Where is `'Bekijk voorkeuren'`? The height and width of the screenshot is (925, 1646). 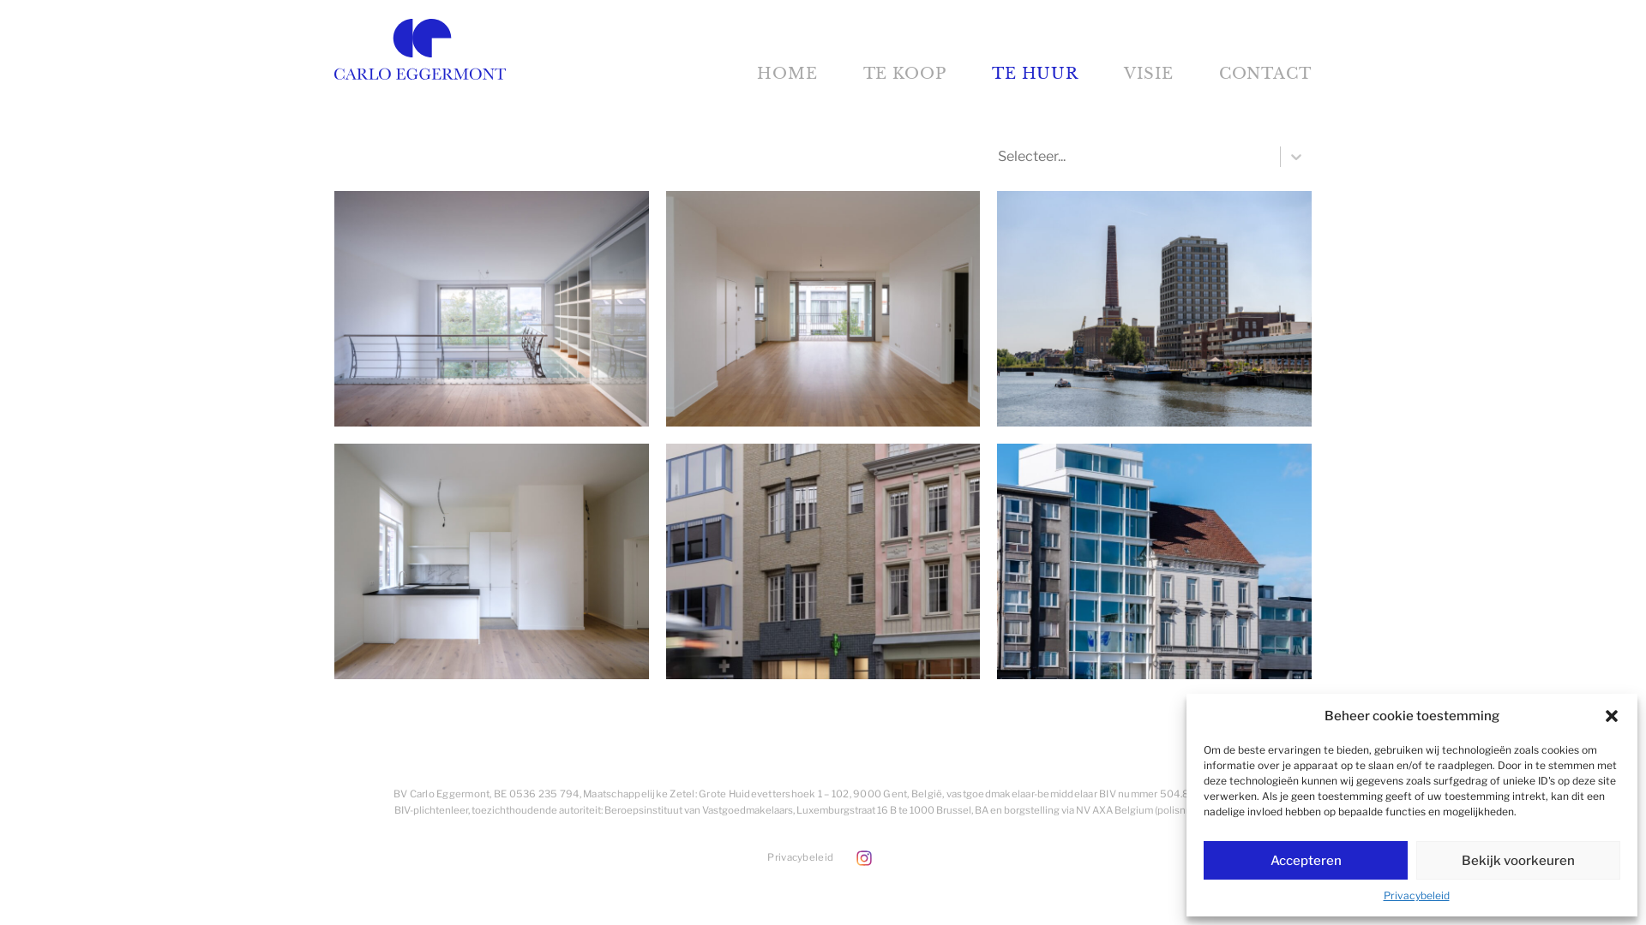 'Bekijk voorkeuren' is located at coordinates (1415, 860).